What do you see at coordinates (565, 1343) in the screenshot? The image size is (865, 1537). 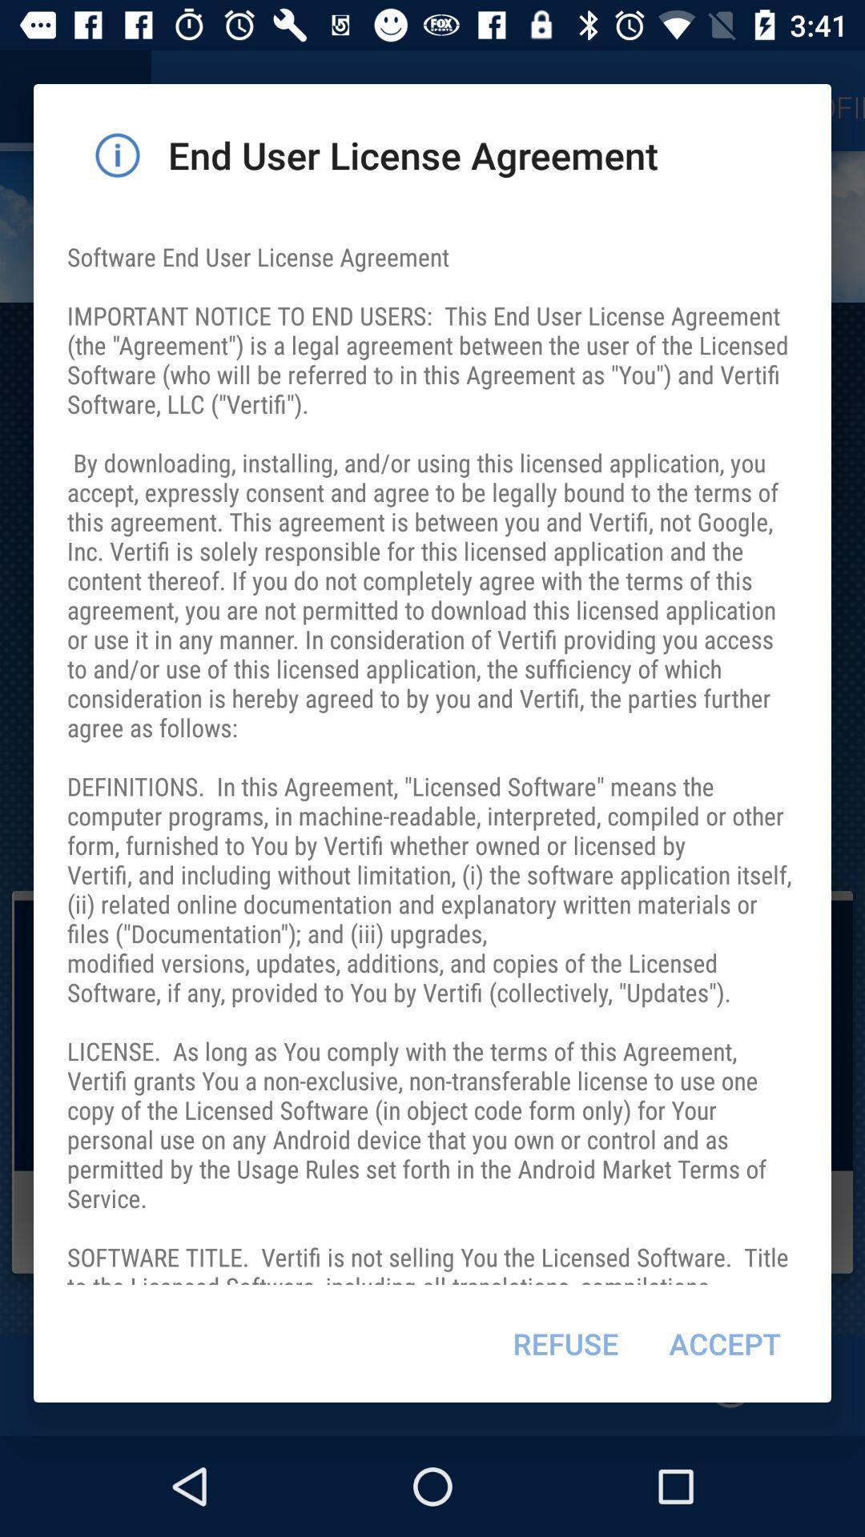 I see `icon next to the accept icon` at bounding box center [565, 1343].